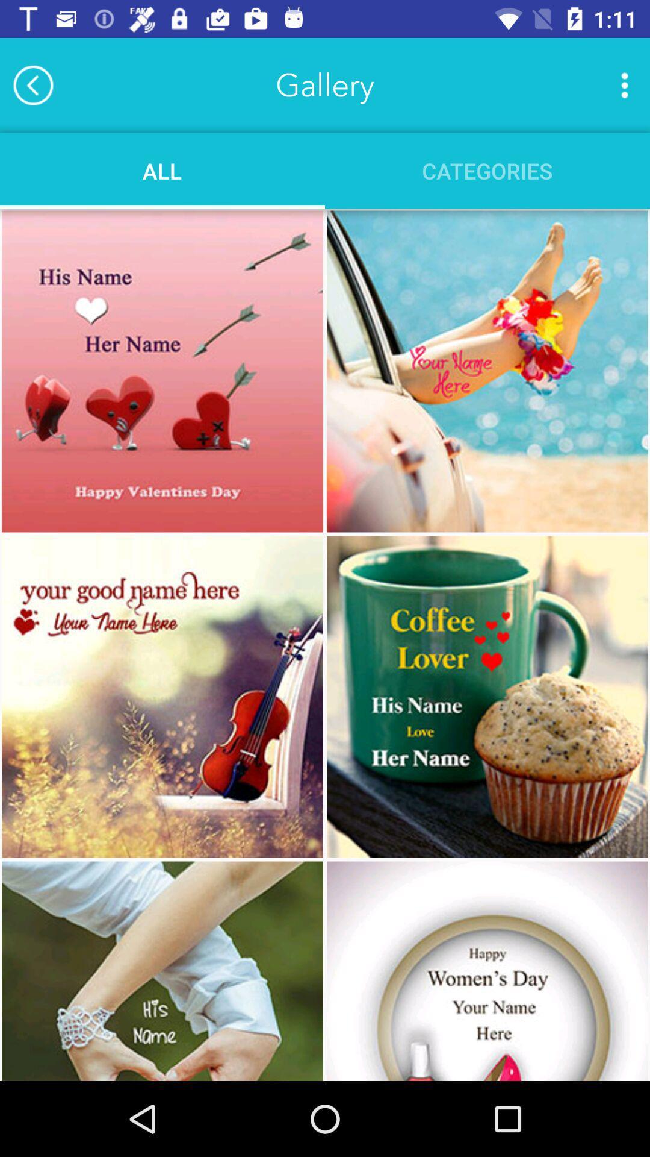 The image size is (650, 1157). Describe the element at coordinates (624, 84) in the screenshot. I see `icon to the right of the gallery app` at that location.